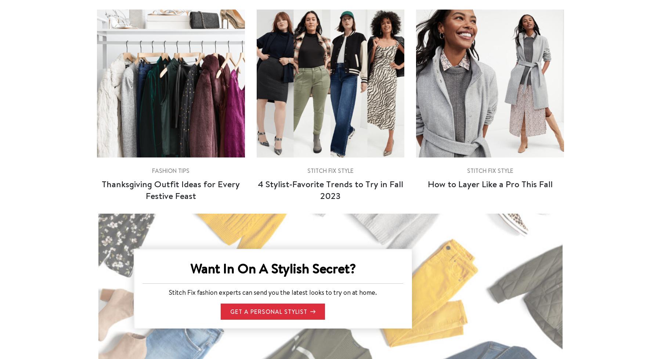 The image size is (661, 359). What do you see at coordinates (101, 189) in the screenshot?
I see `'Thanksgiving Outfit Ideas for Every Festive Feast'` at bounding box center [101, 189].